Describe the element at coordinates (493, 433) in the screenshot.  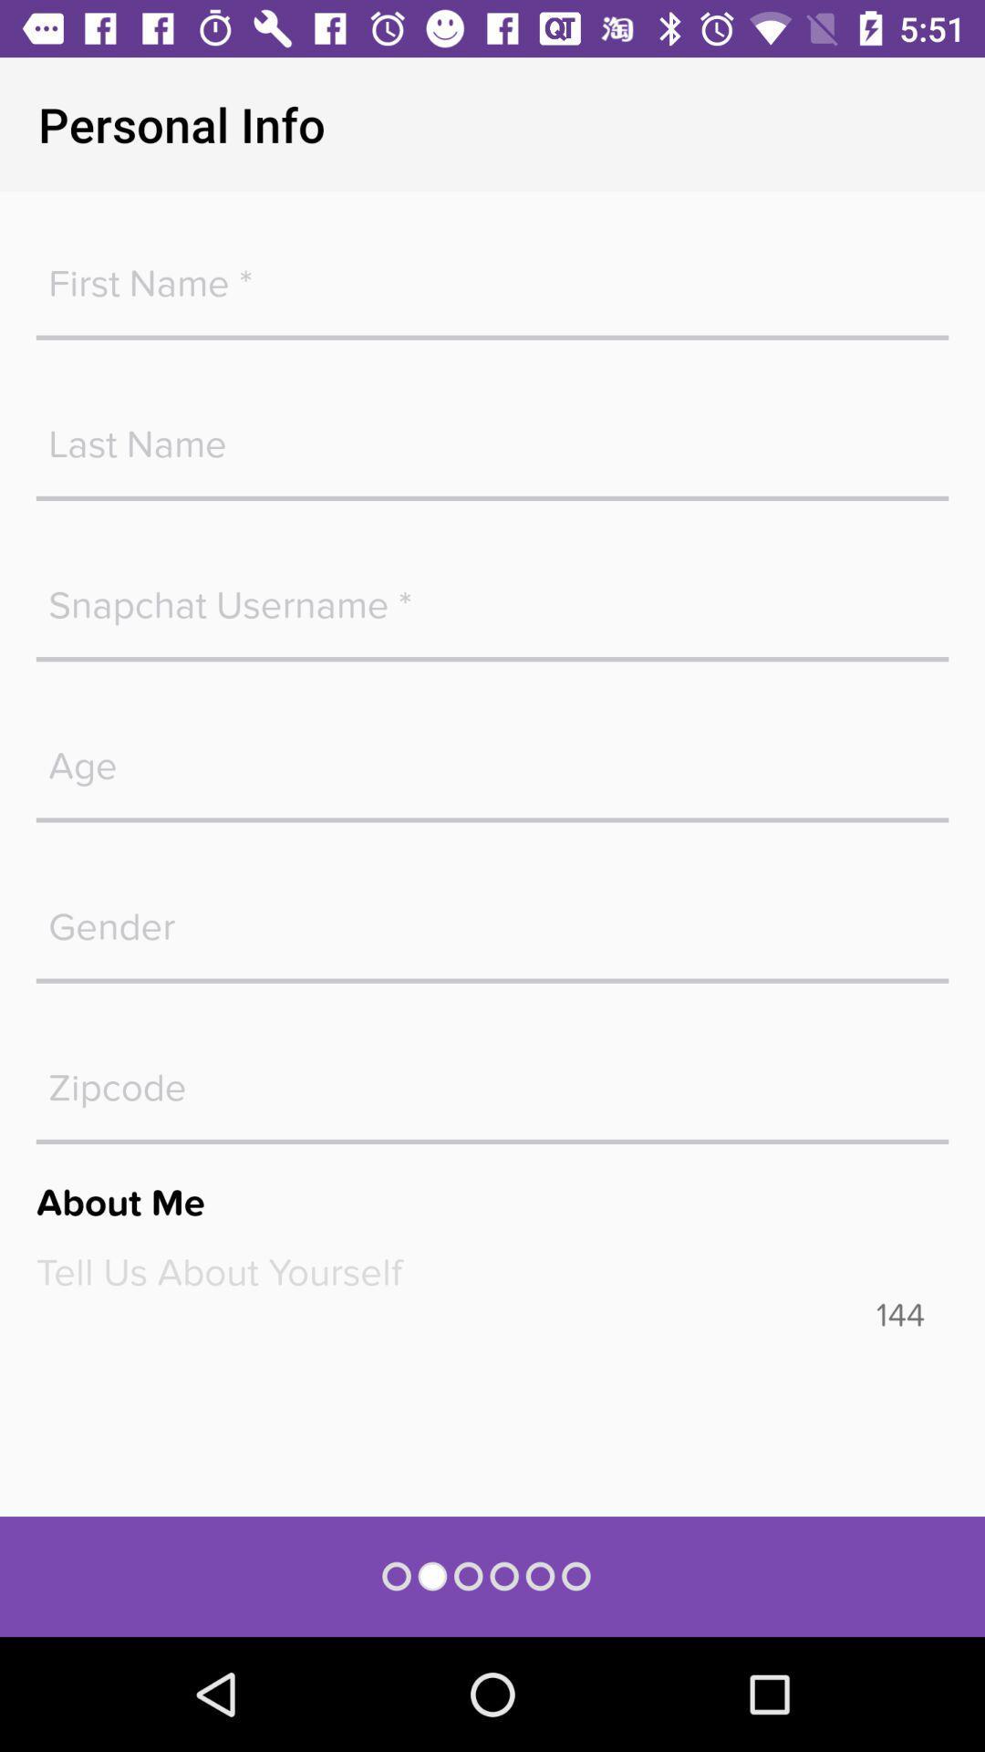
I see `last name fillup button` at that location.